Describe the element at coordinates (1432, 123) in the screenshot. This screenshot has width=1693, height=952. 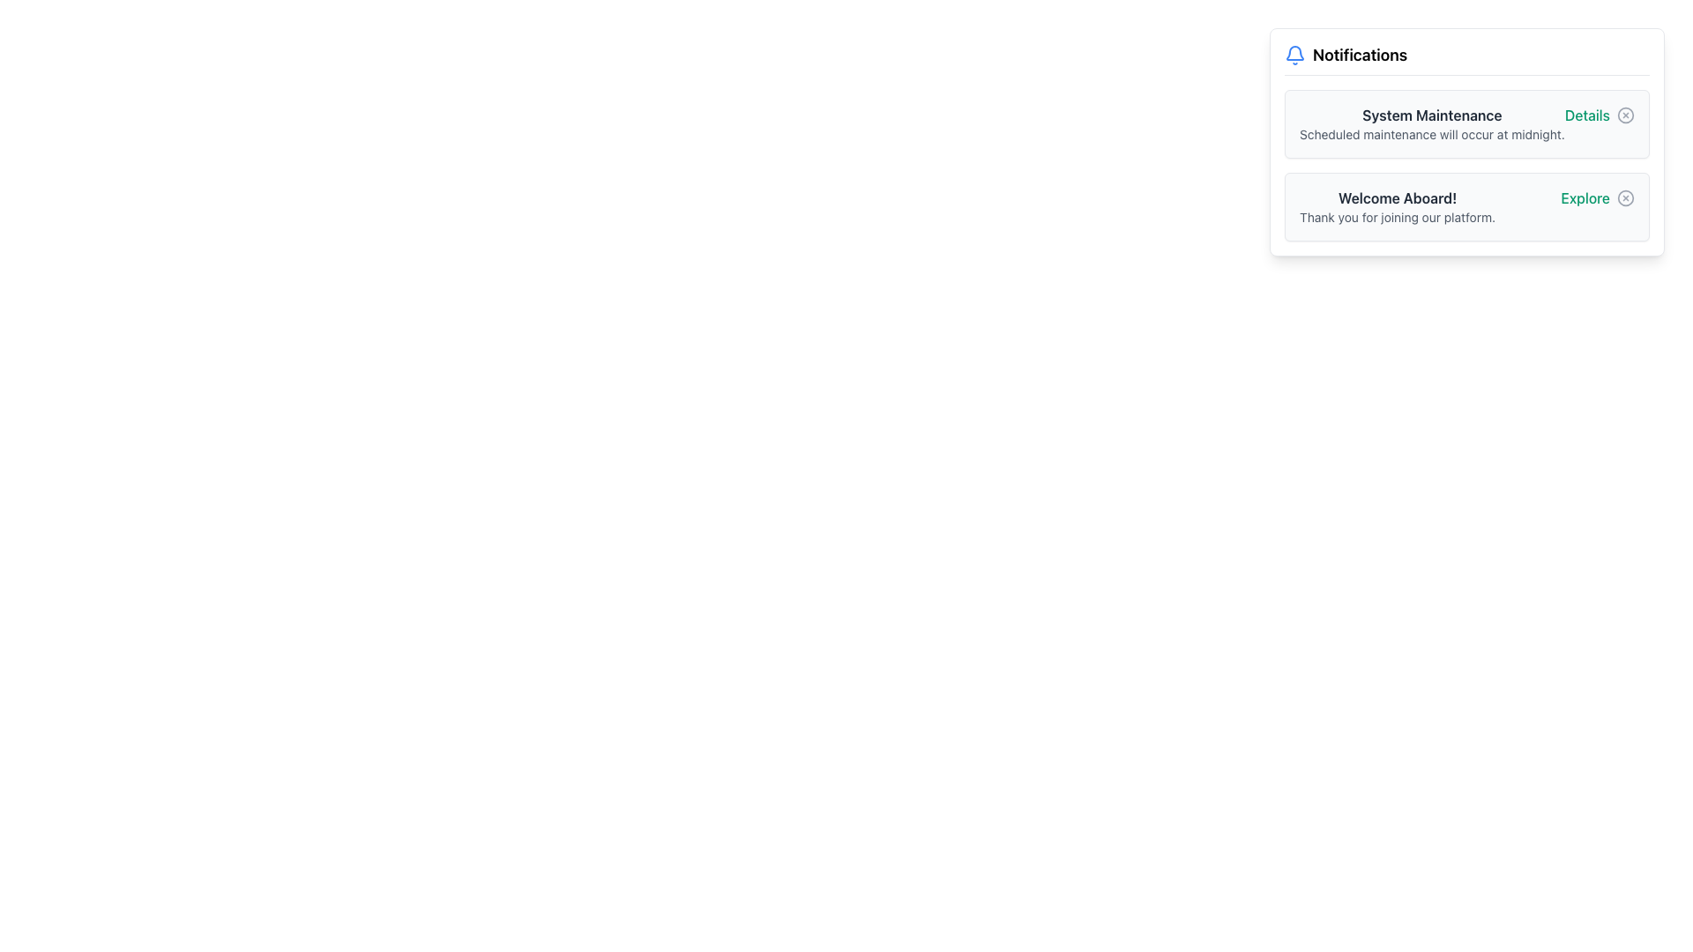
I see `the Text Block located in the top notification card, which serves as a notification title and description about scheduled system maintenance` at that location.